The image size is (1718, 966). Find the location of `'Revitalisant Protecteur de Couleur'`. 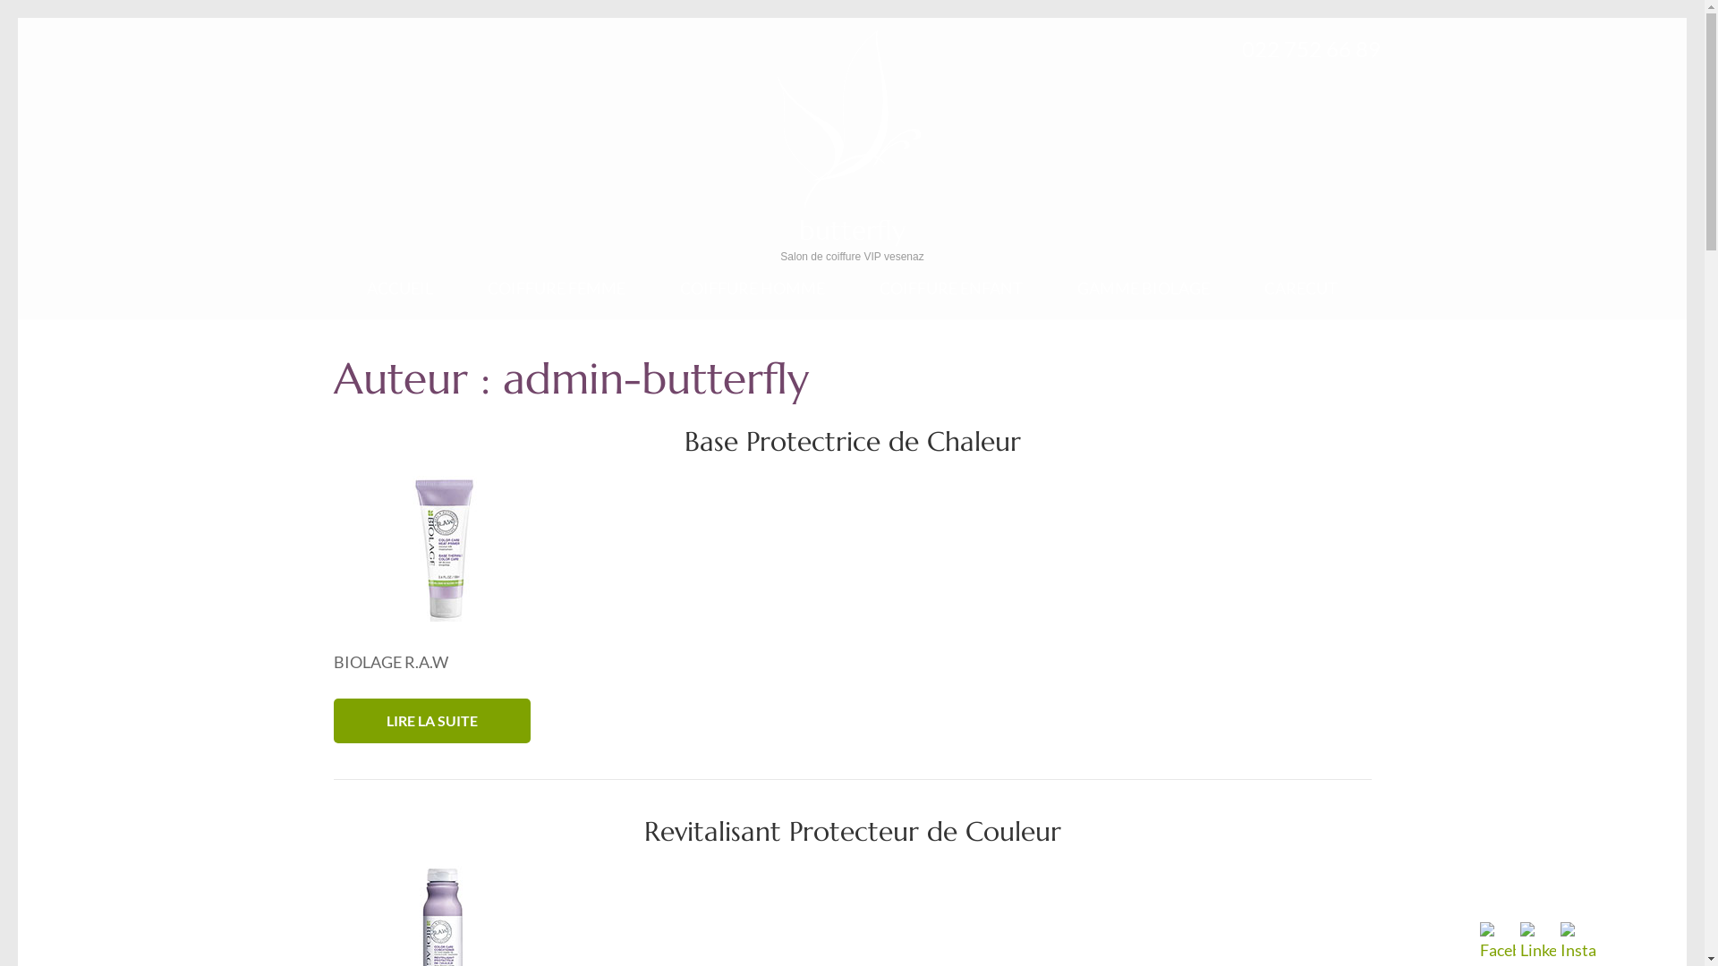

'Revitalisant Protecteur de Couleur' is located at coordinates (852, 831).